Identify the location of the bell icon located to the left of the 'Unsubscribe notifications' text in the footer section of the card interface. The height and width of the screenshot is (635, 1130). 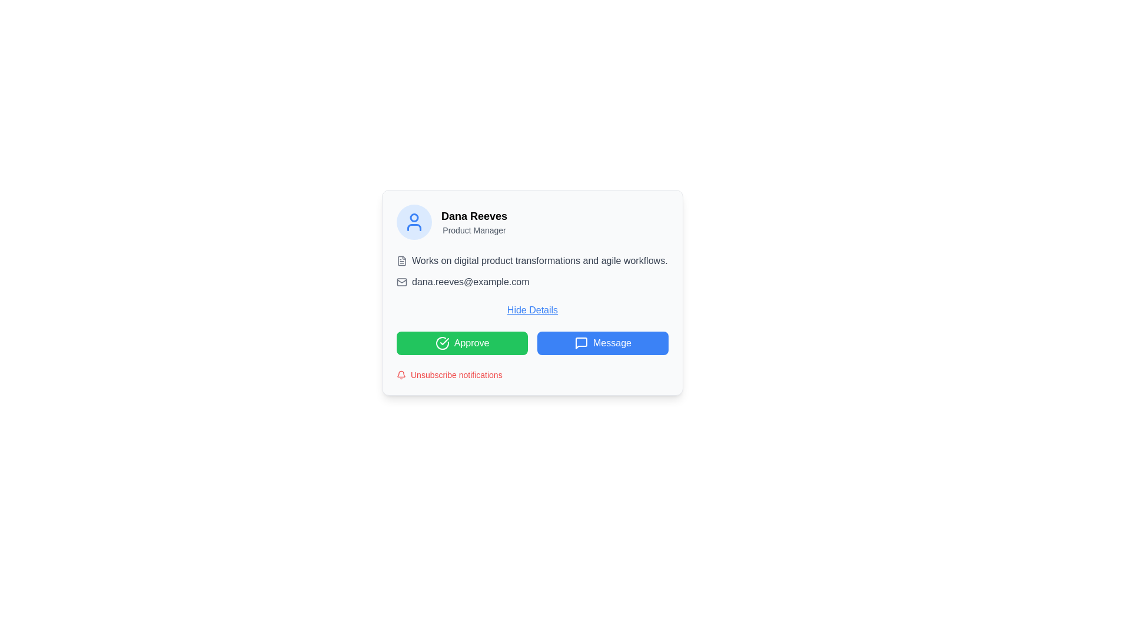
(401, 375).